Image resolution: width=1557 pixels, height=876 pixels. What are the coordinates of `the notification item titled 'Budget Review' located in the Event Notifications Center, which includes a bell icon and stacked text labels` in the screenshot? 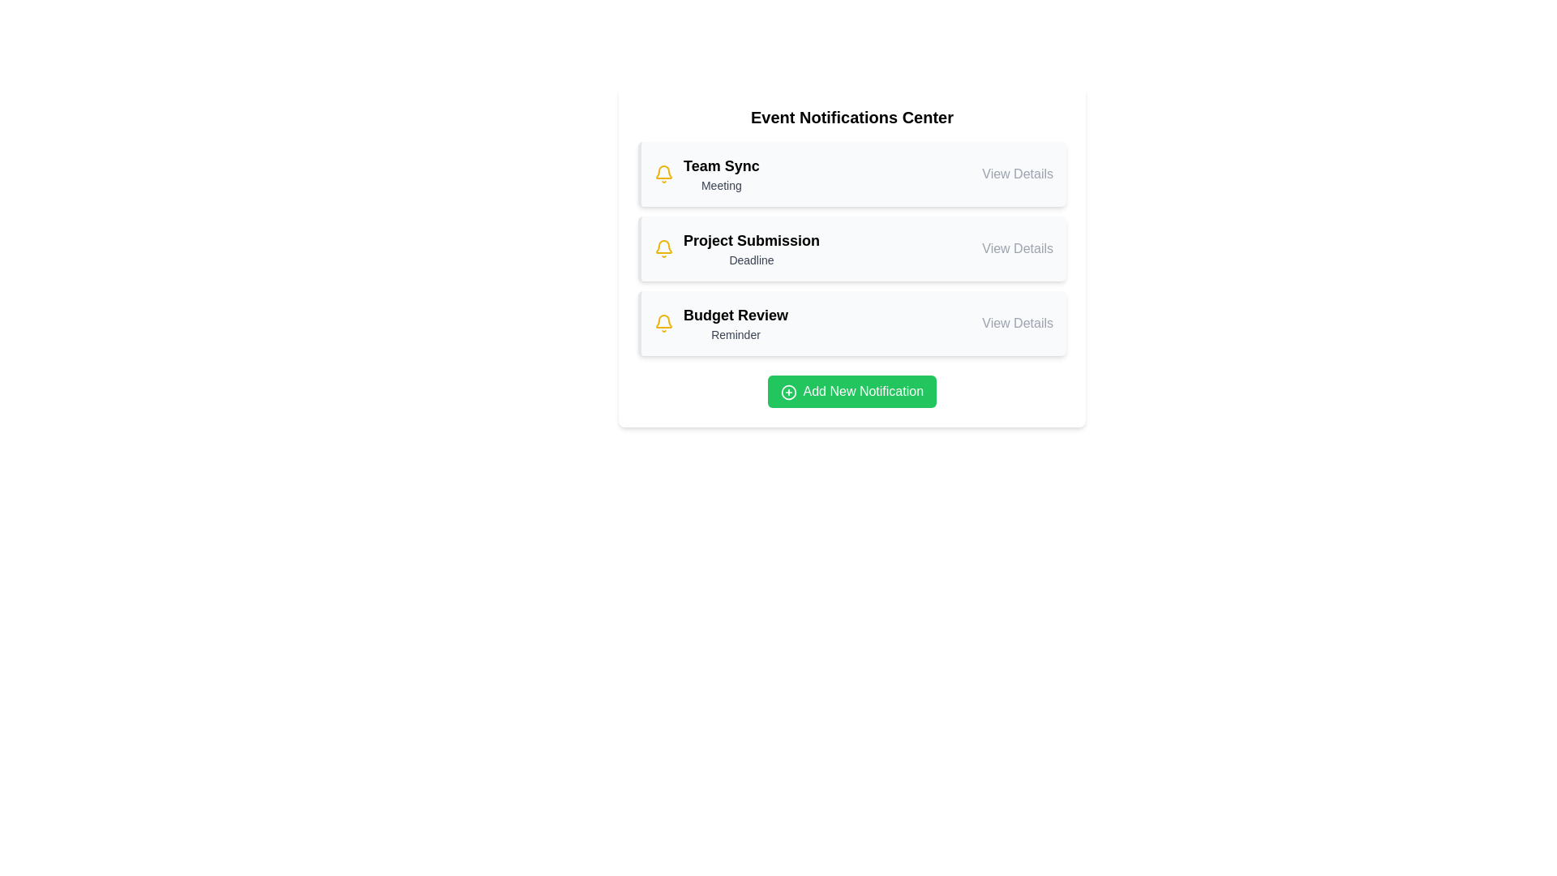 It's located at (720, 323).